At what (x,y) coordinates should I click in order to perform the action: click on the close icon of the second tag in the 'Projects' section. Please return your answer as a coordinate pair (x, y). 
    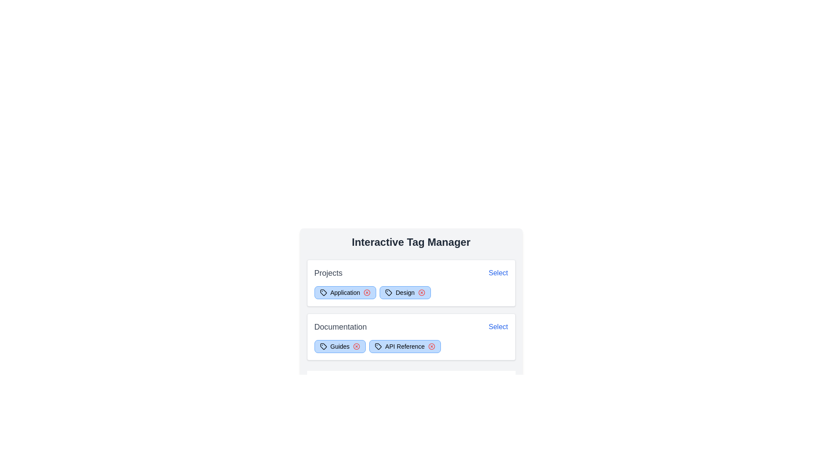
    Looking at the image, I should click on (404, 293).